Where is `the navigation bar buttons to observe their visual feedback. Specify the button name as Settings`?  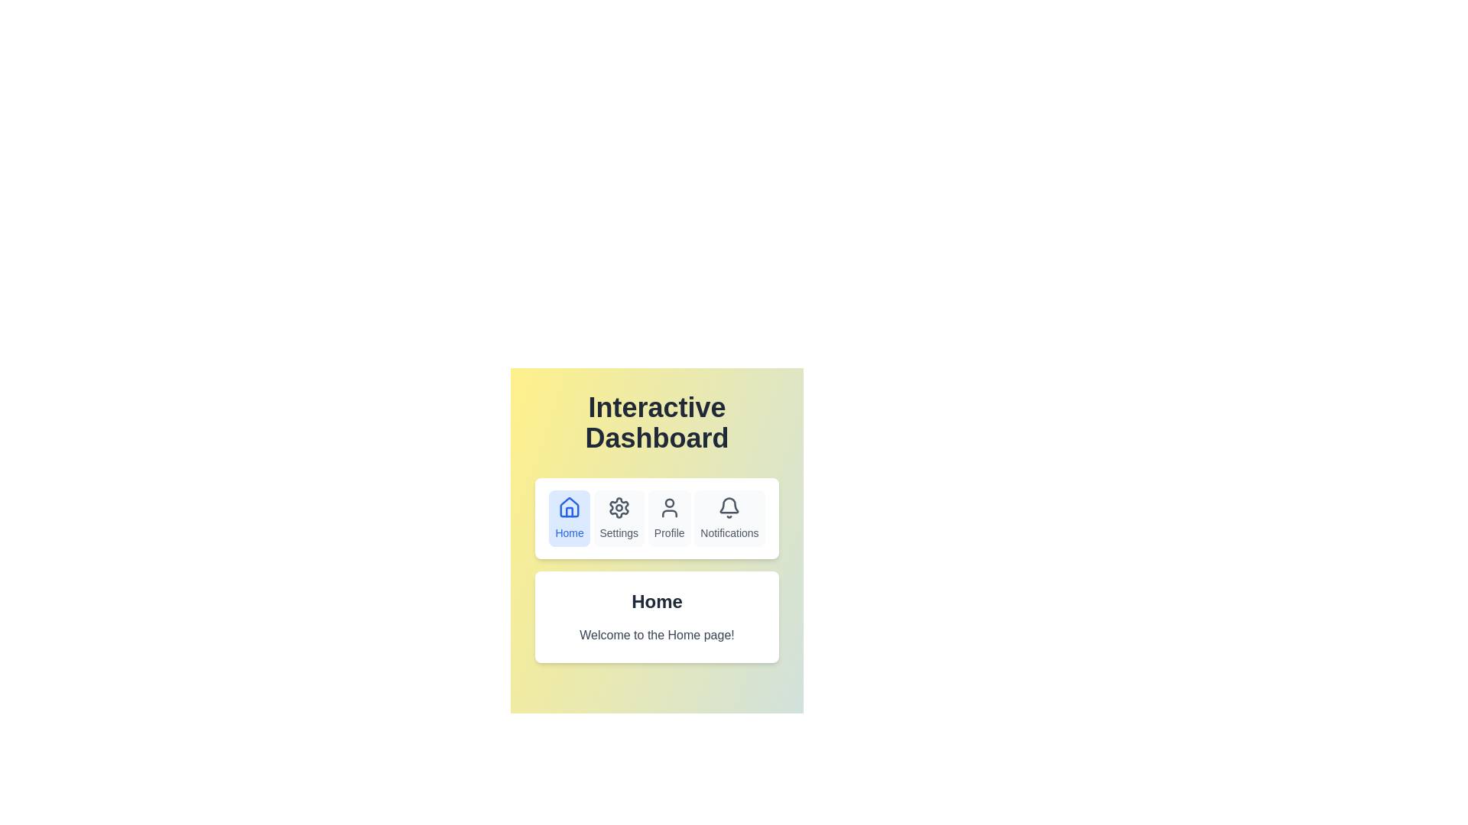
the navigation bar buttons to observe their visual feedback. Specify the button name as Settings is located at coordinates (619, 517).